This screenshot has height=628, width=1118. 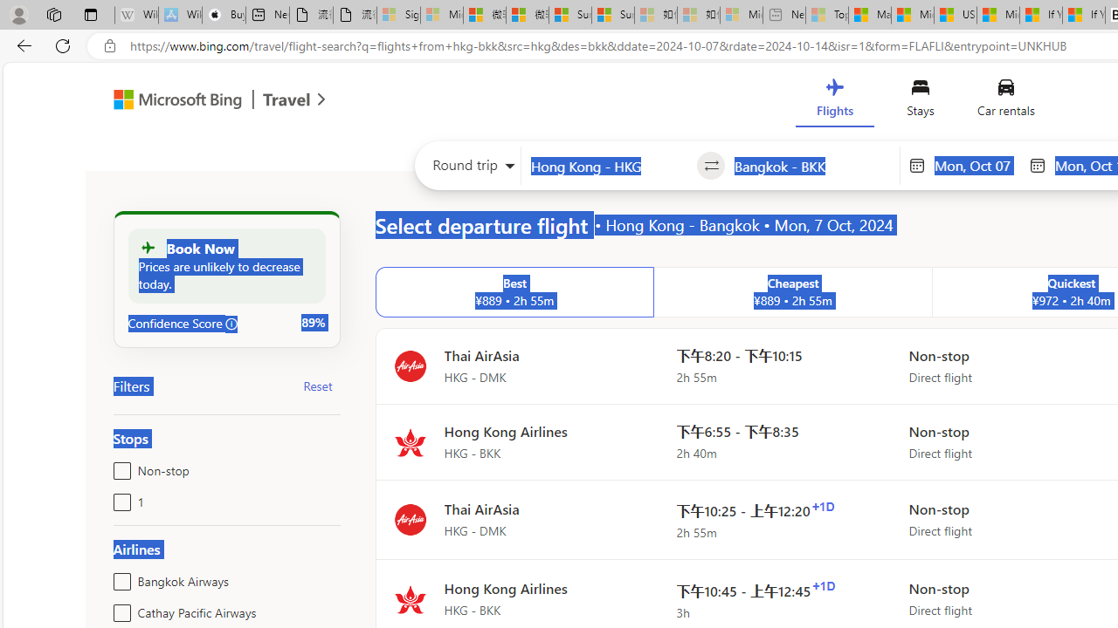 What do you see at coordinates (811, 166) in the screenshot?
I see `'Going to?'` at bounding box center [811, 166].